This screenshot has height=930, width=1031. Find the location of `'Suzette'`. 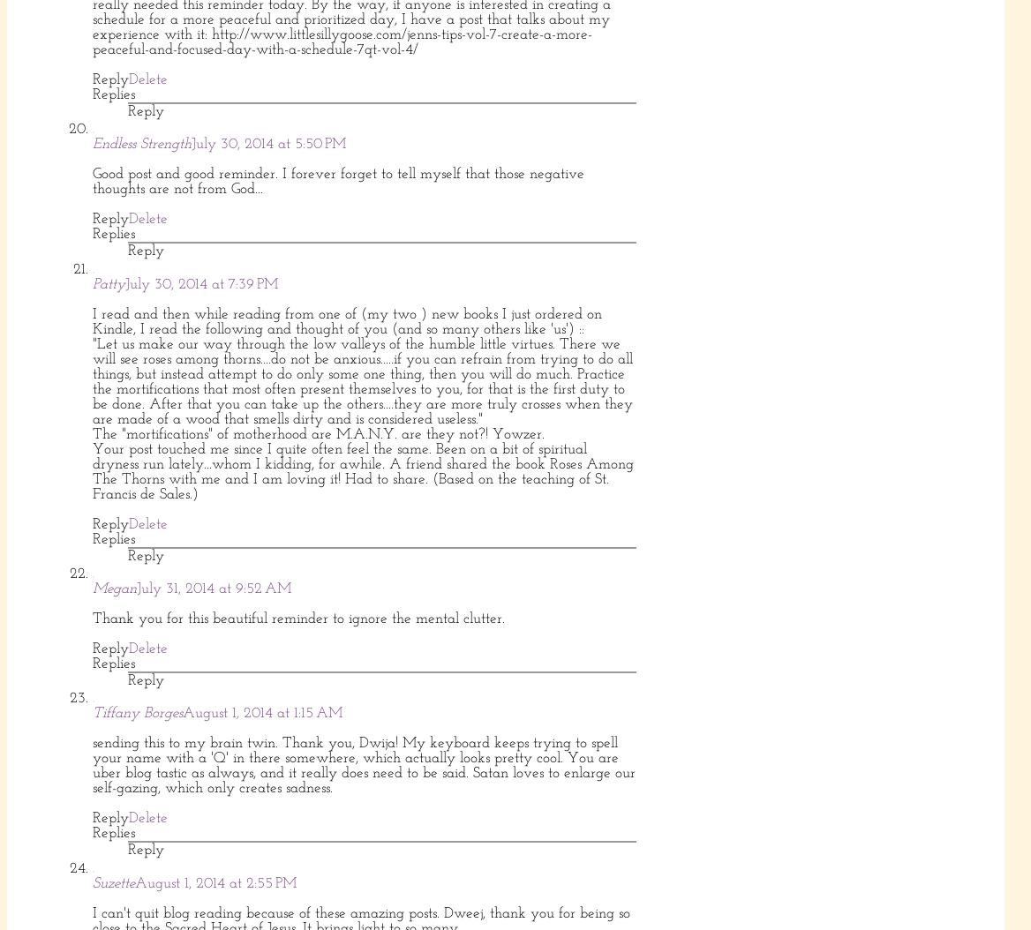

'Suzette' is located at coordinates (92, 882).